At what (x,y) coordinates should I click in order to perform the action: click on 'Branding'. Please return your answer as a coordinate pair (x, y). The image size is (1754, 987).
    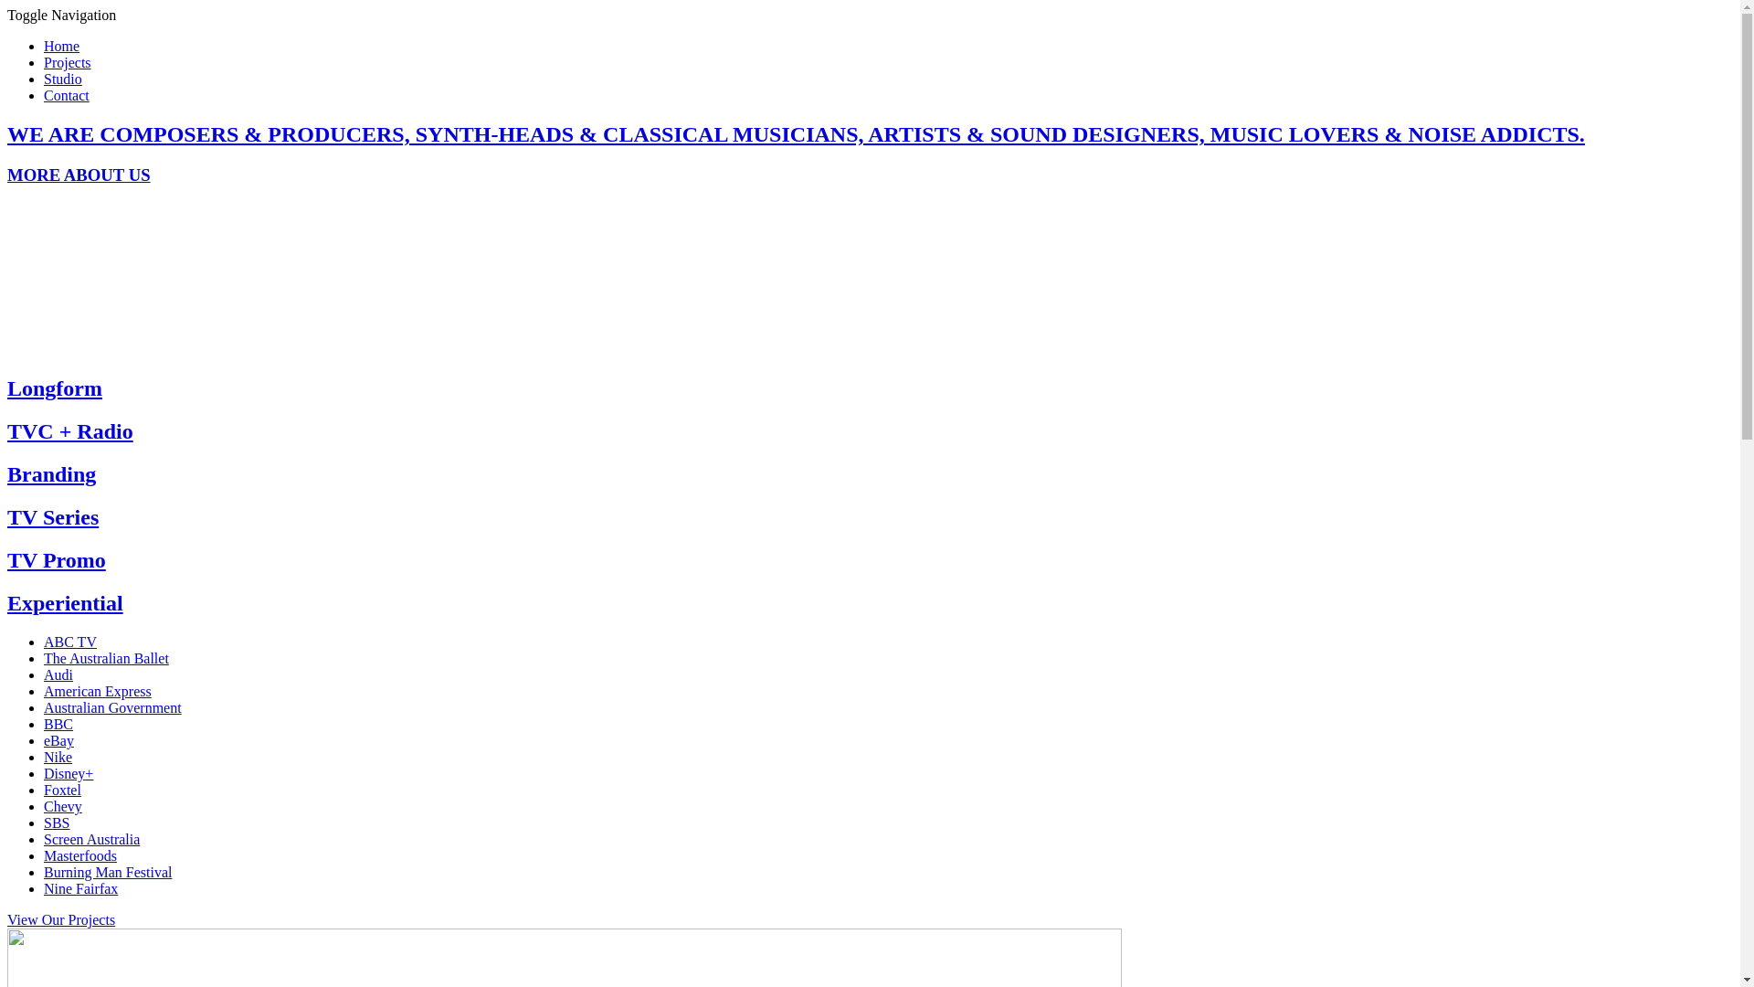
    Looking at the image, I should click on (51, 473).